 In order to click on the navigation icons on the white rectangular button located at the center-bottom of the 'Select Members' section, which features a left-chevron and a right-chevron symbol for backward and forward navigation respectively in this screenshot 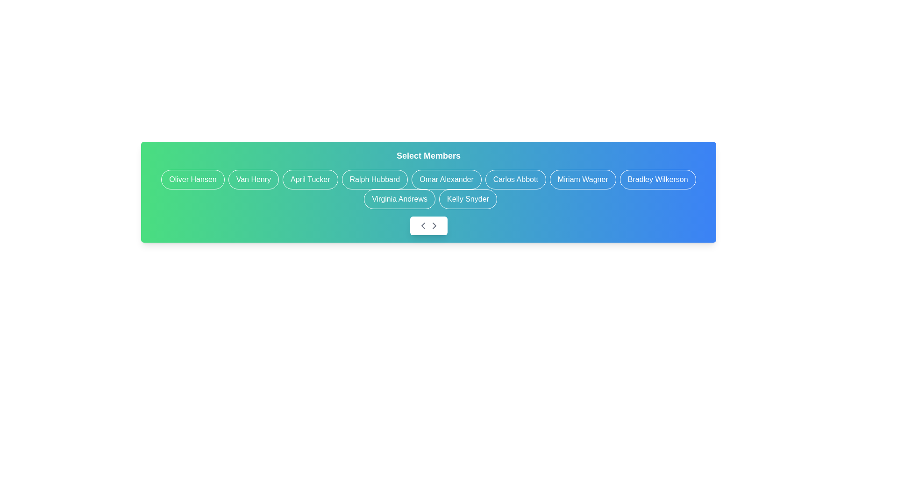, I will do `click(428, 225)`.